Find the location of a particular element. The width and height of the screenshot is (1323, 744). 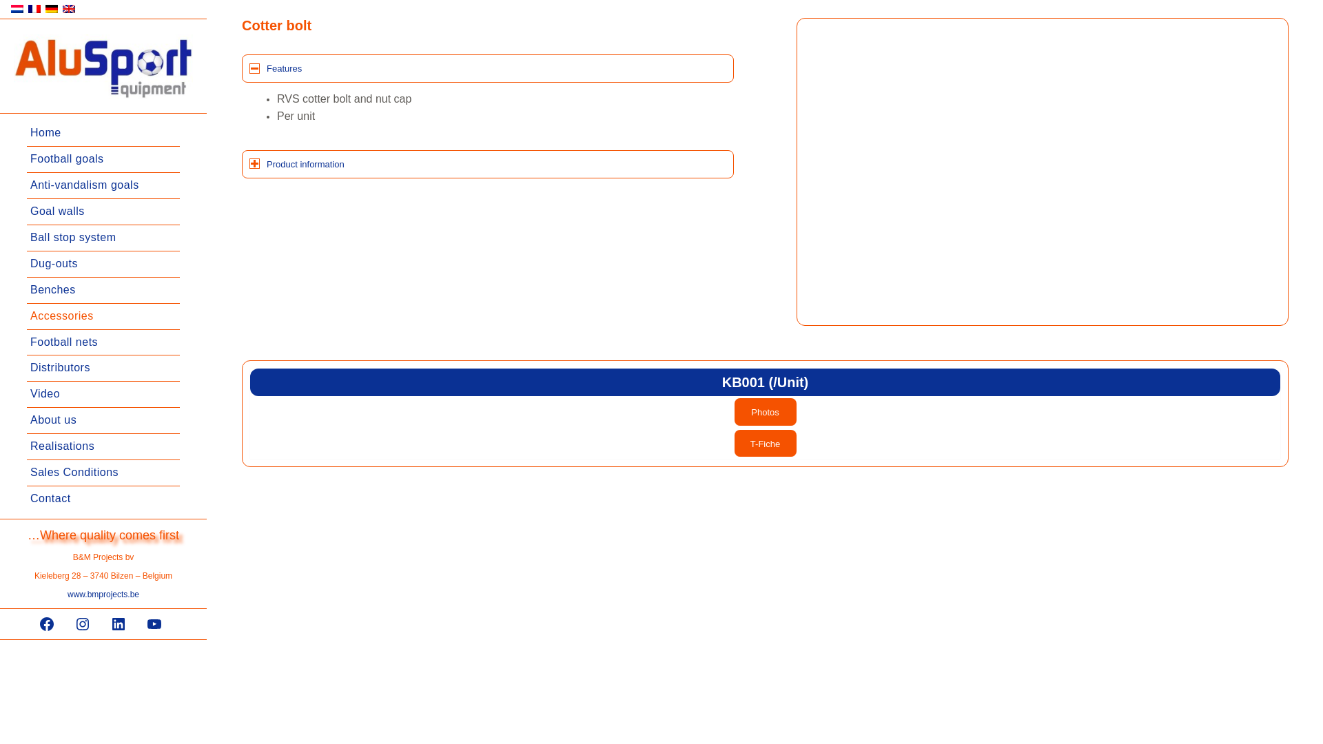

'Nederlands' is located at coordinates (17, 8).